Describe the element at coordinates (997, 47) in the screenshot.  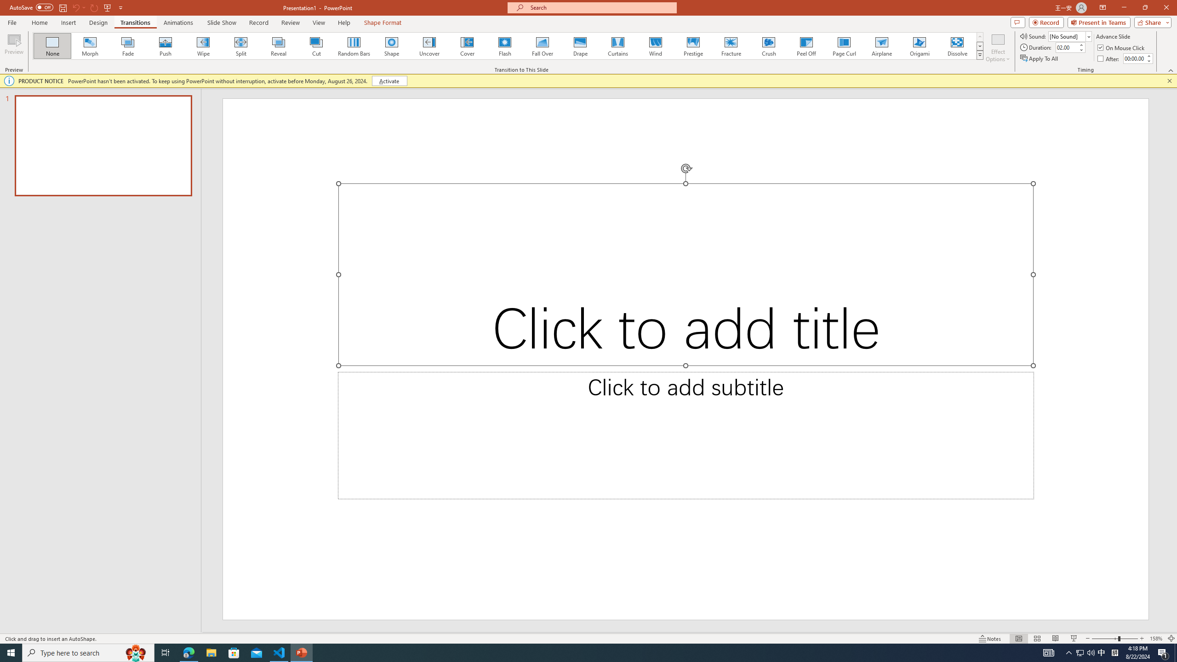
I see `'Effect Options'` at that location.